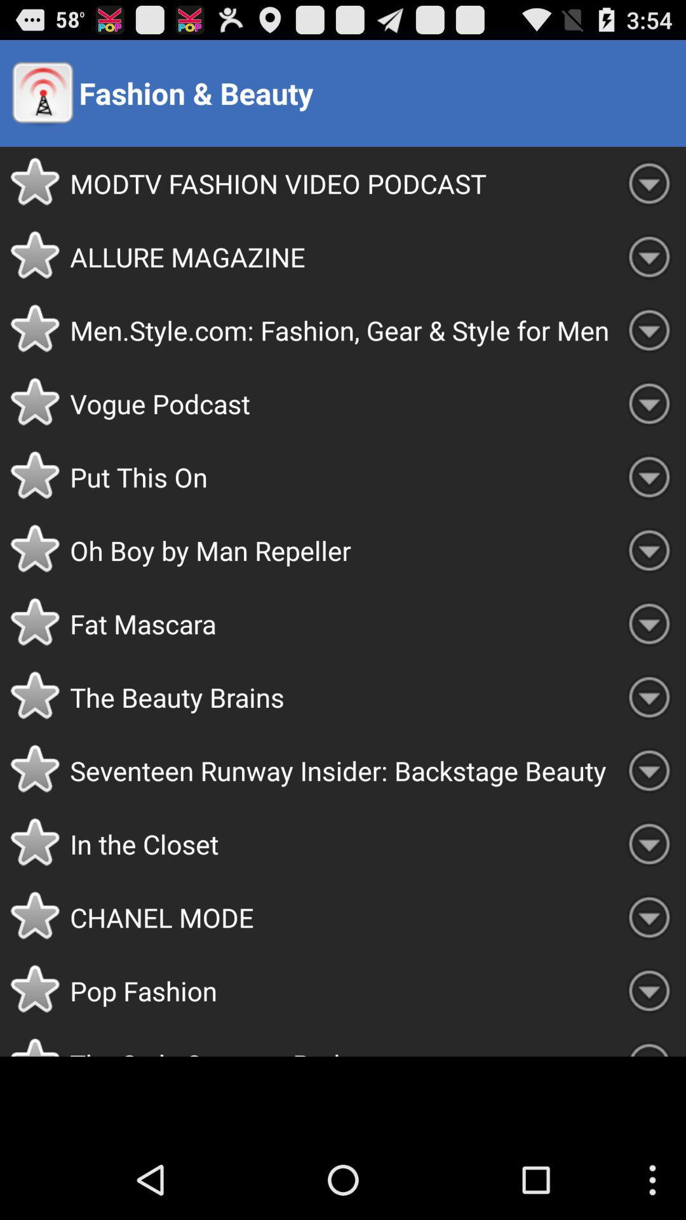 This screenshot has width=686, height=1220. I want to click on icon below the vogue podcast app, so click(340, 476).